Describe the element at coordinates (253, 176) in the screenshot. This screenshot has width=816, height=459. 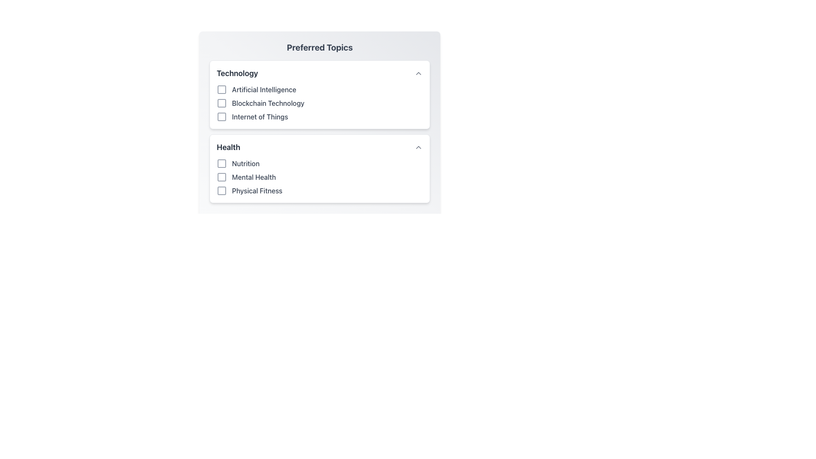
I see `the 'Mental Health' text label, which acts as a descriptor for the interactive checkbox in the 'Health' section under 'Preferred Topics.'` at that location.